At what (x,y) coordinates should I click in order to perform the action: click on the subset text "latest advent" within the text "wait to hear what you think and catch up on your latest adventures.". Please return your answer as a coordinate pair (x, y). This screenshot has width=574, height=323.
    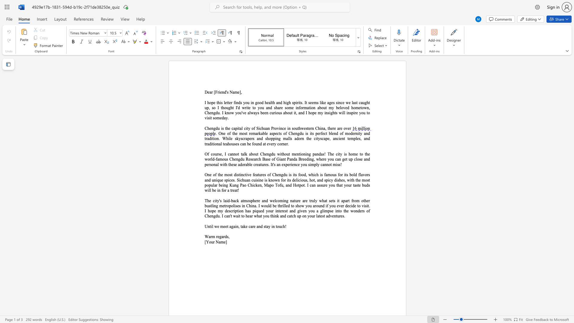
    Looking at the image, I should click on (316, 216).